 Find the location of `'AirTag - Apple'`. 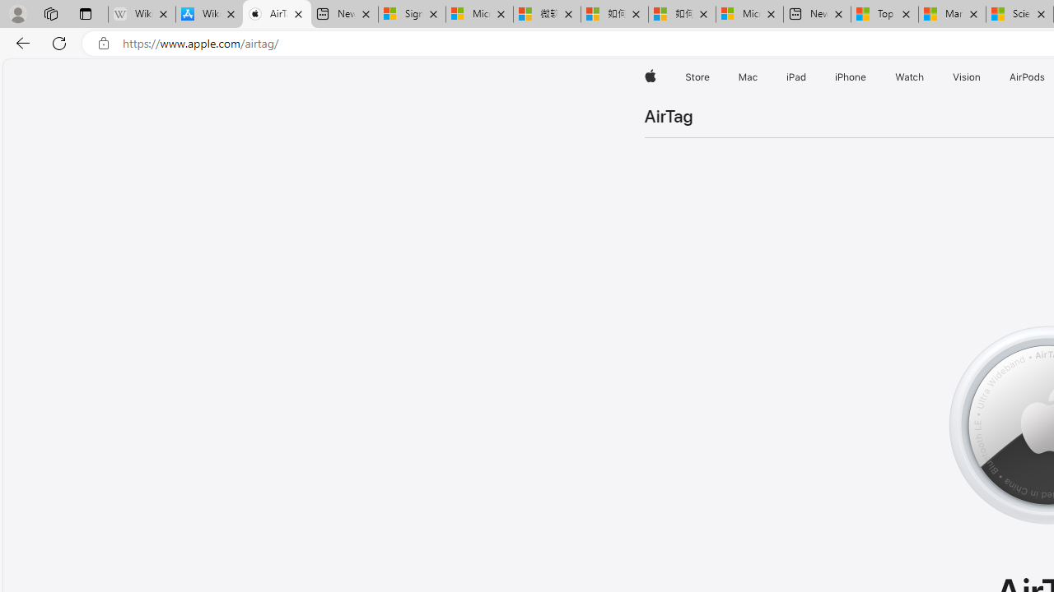

'AirTag - Apple' is located at coordinates (277, 14).